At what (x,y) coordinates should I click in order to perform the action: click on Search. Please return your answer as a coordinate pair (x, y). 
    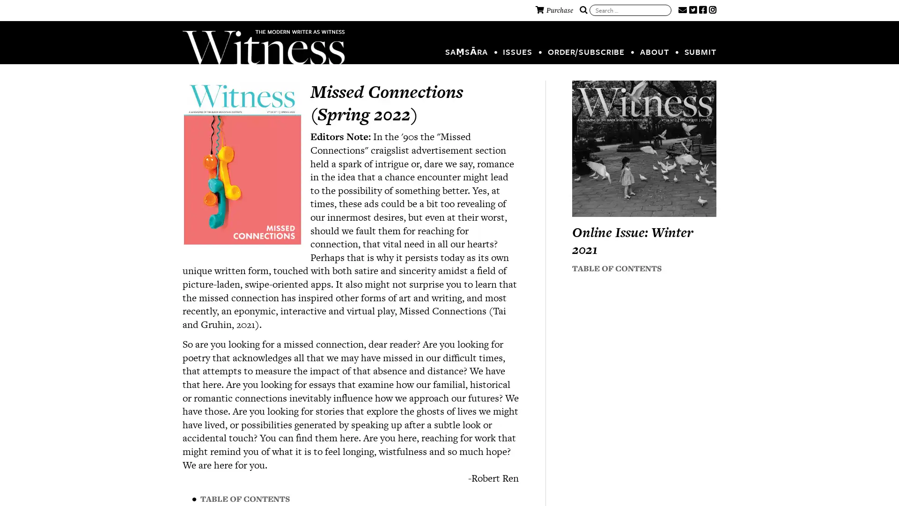
    Looking at the image, I should click on (583, 10).